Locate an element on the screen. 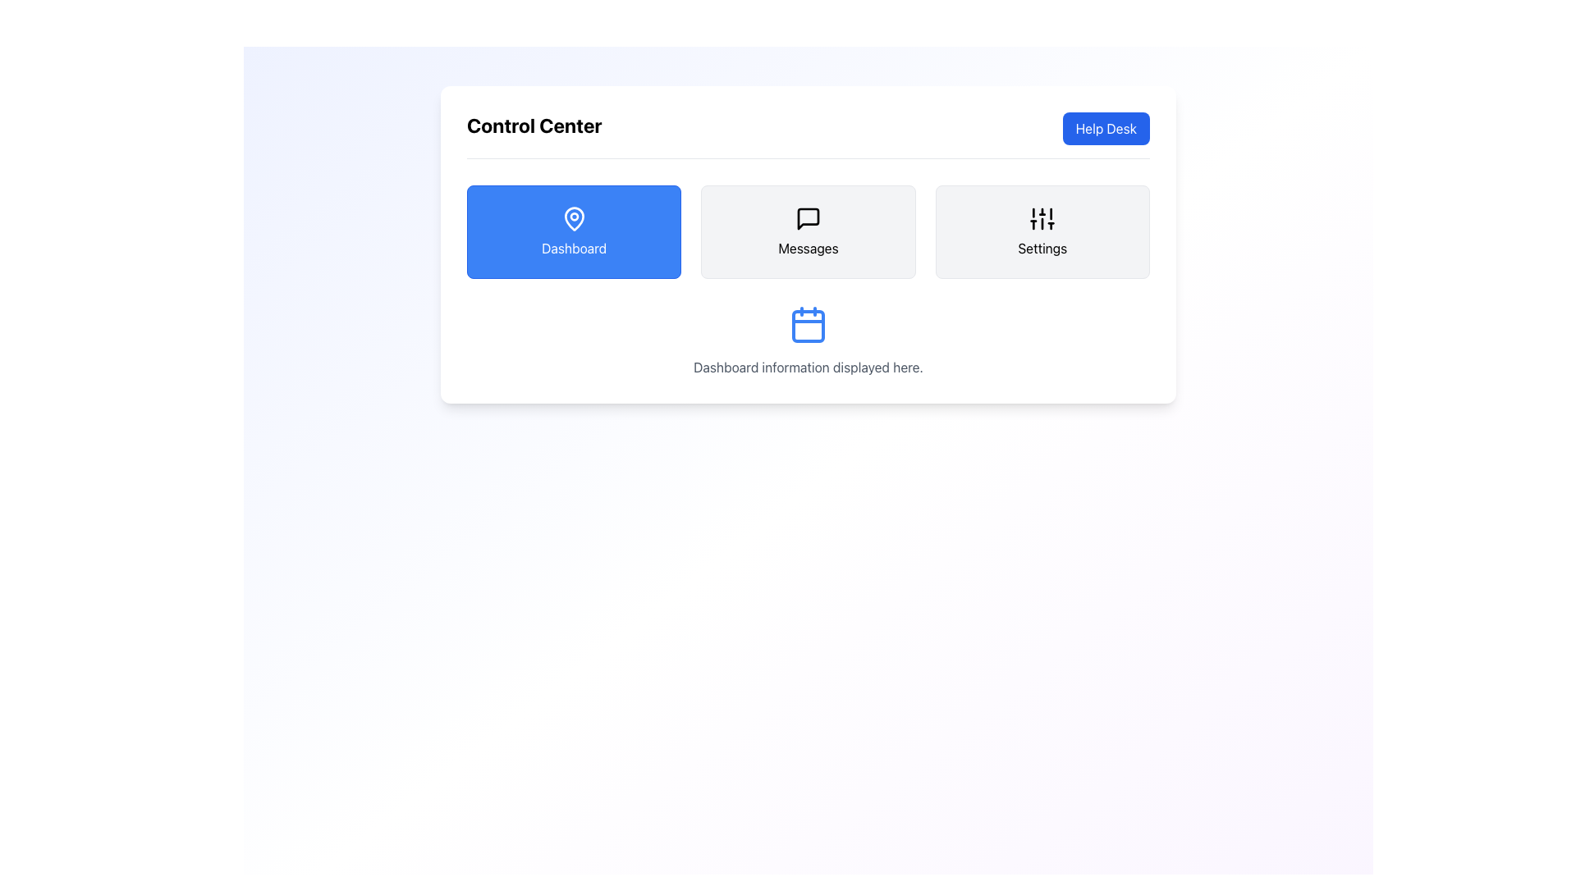  the rectangular date indicator located at the center of the calendar icon with rounded corners is located at coordinates (808, 326).